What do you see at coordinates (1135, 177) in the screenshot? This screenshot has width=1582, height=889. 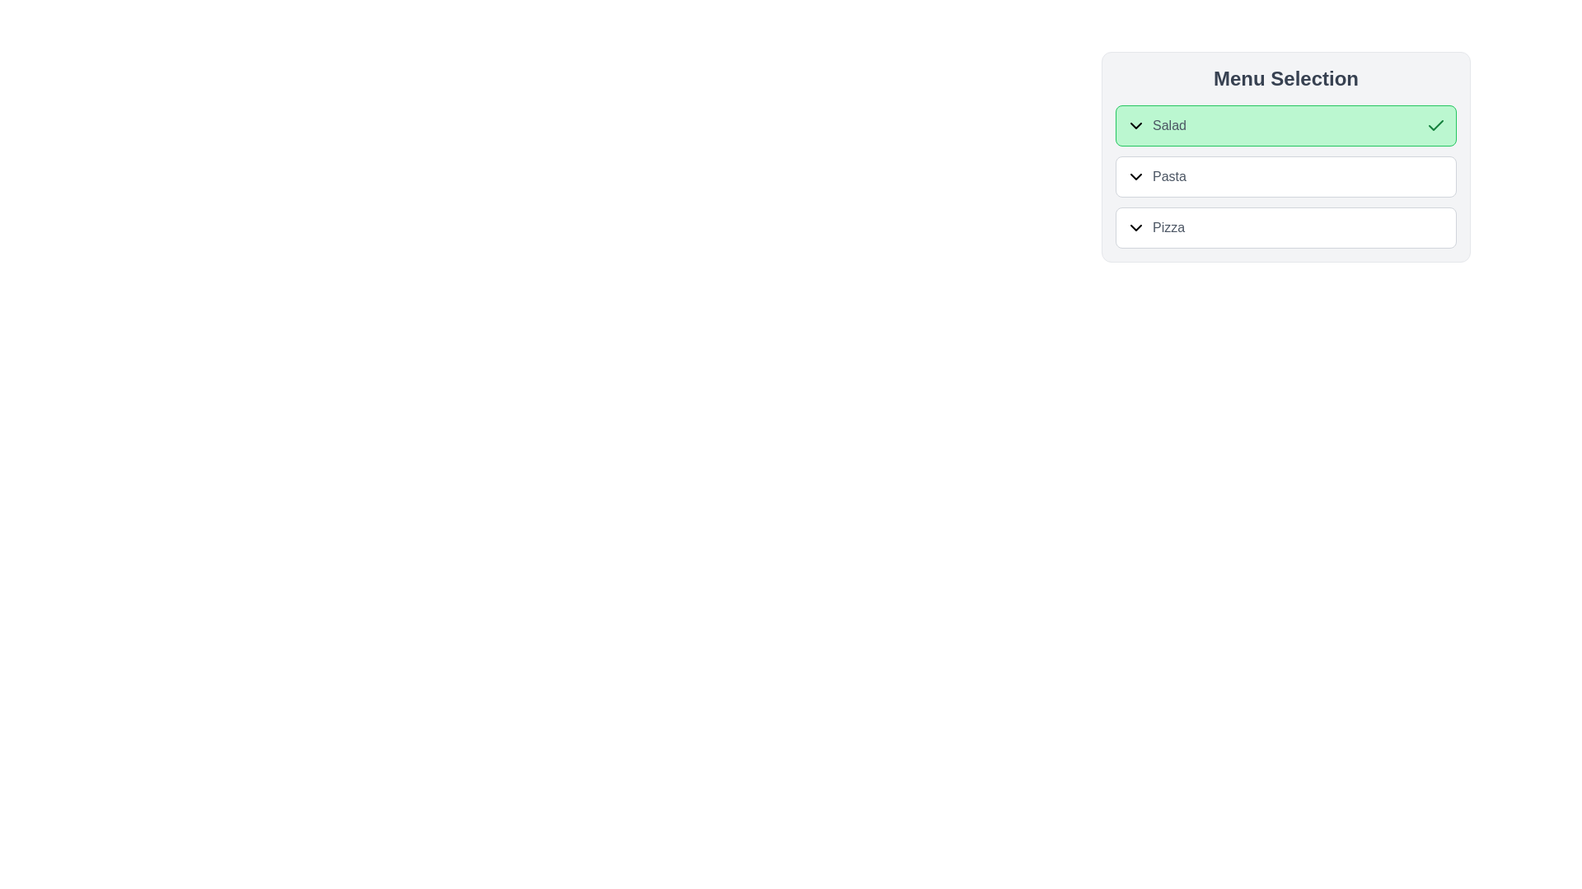 I see `the Chevron Down icon next to the 'Pasta' menu item` at bounding box center [1135, 177].